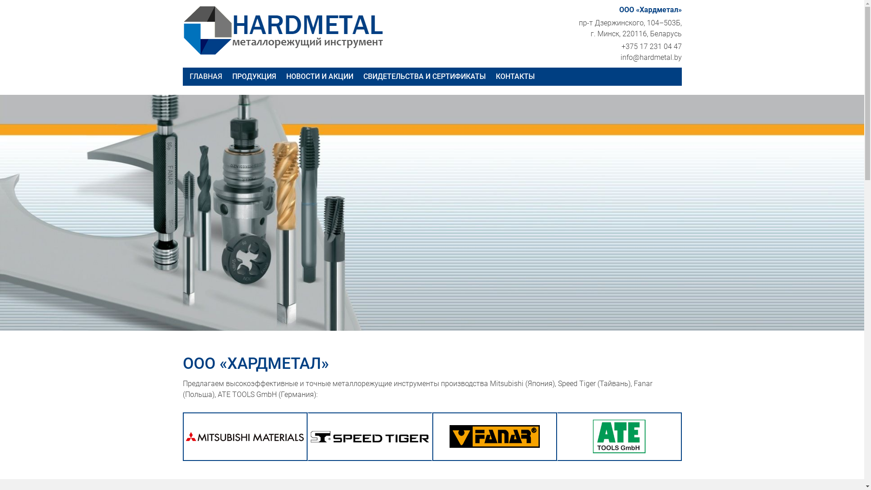 The image size is (871, 490). I want to click on 'header-logo', so click(245, 436).